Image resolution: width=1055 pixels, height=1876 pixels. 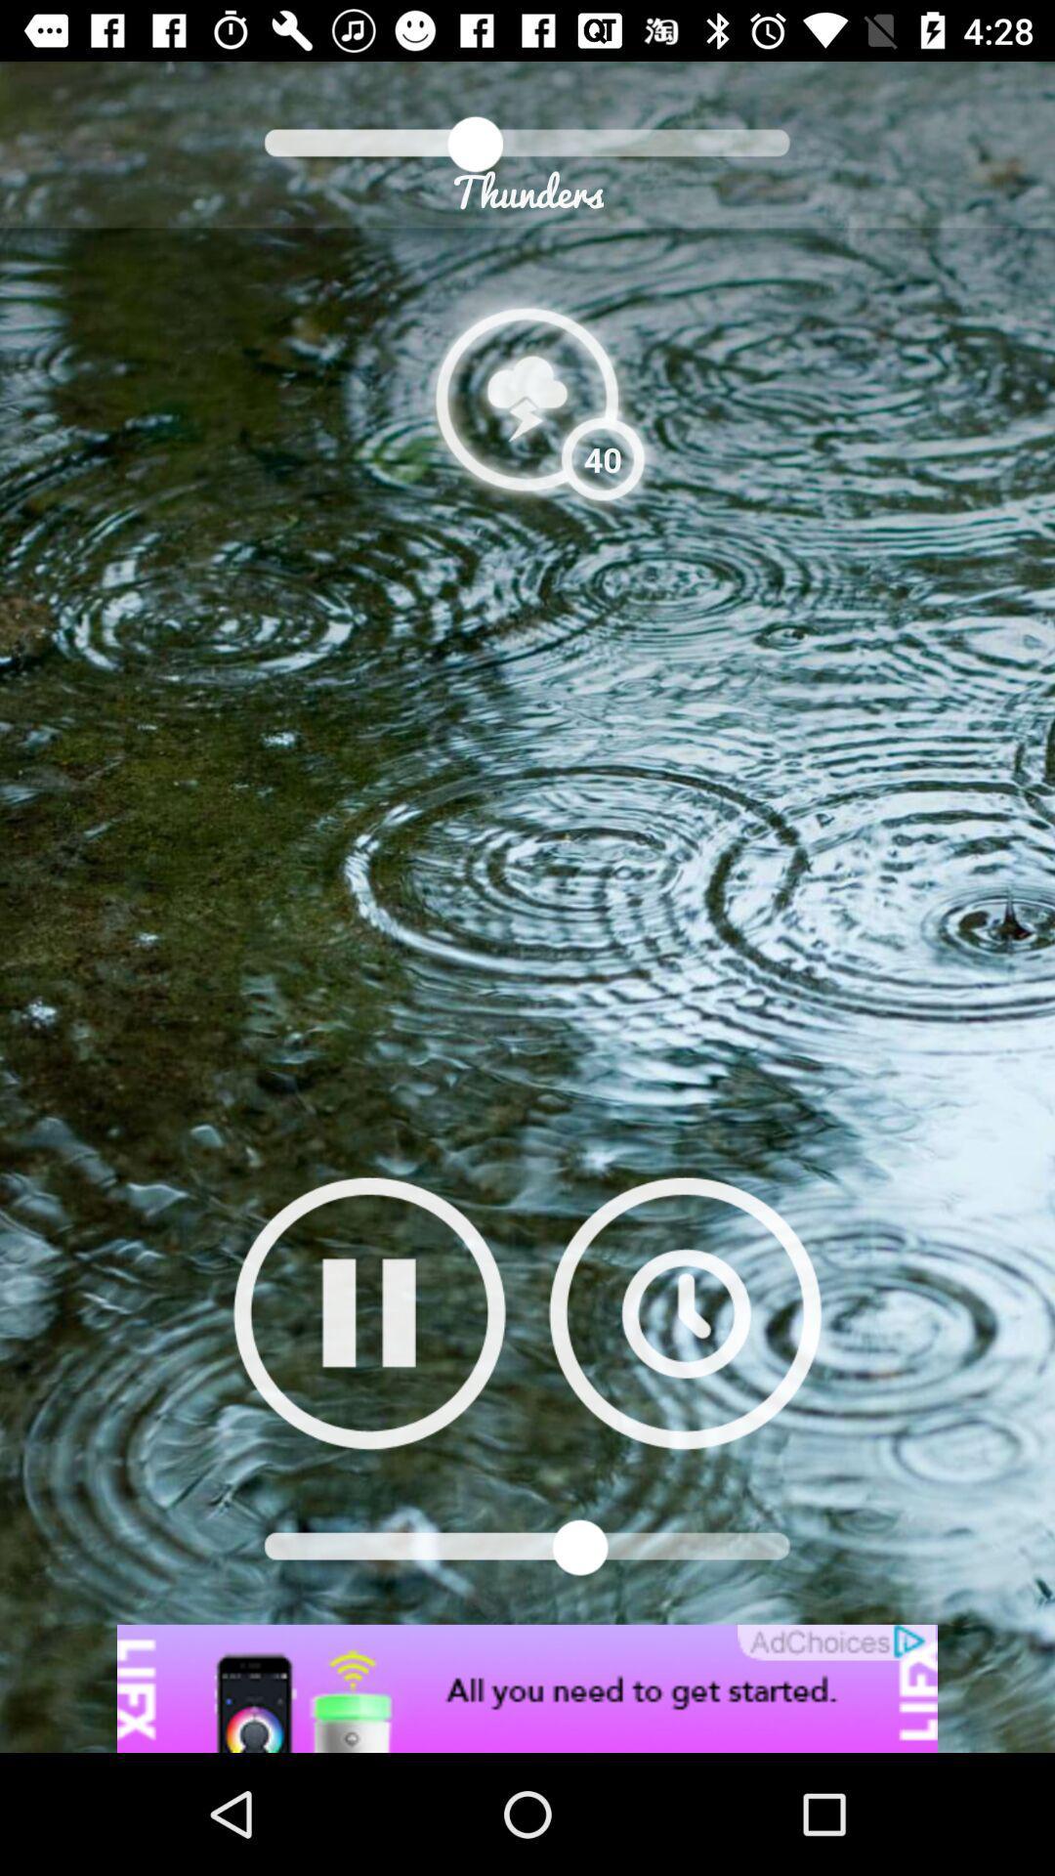 I want to click on visit the advertisement site, so click(x=527, y=1687).